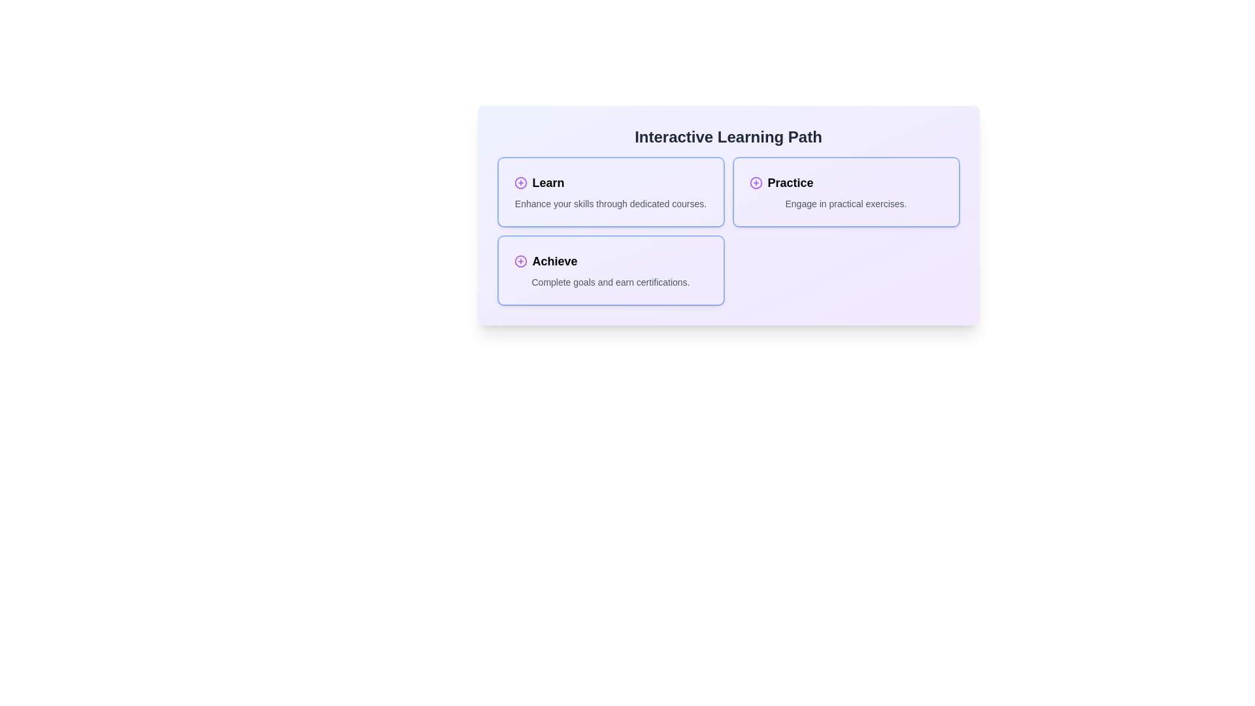  Describe the element at coordinates (520, 183) in the screenshot. I see `the circular icon preceding the text label 'Learn' within the first card of the interface to indicate an action point for creating or adding new items or learning paths` at that location.